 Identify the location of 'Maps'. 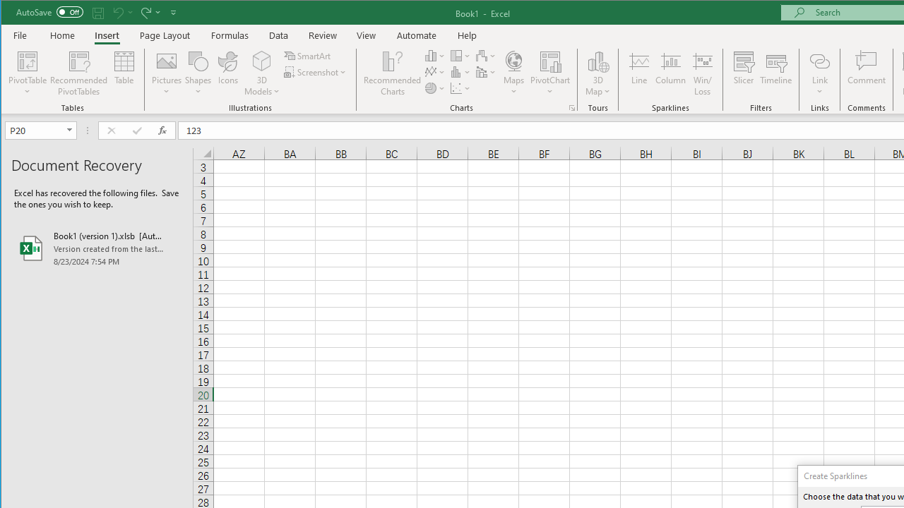
(513, 73).